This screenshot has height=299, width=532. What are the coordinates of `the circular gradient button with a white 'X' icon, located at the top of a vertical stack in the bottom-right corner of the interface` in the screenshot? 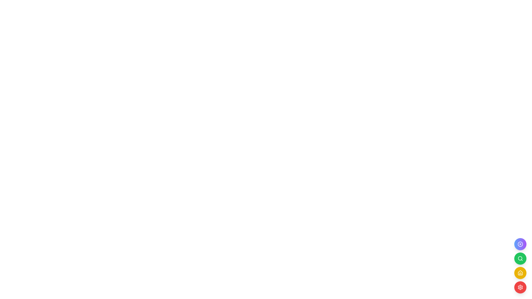 It's located at (520, 244).